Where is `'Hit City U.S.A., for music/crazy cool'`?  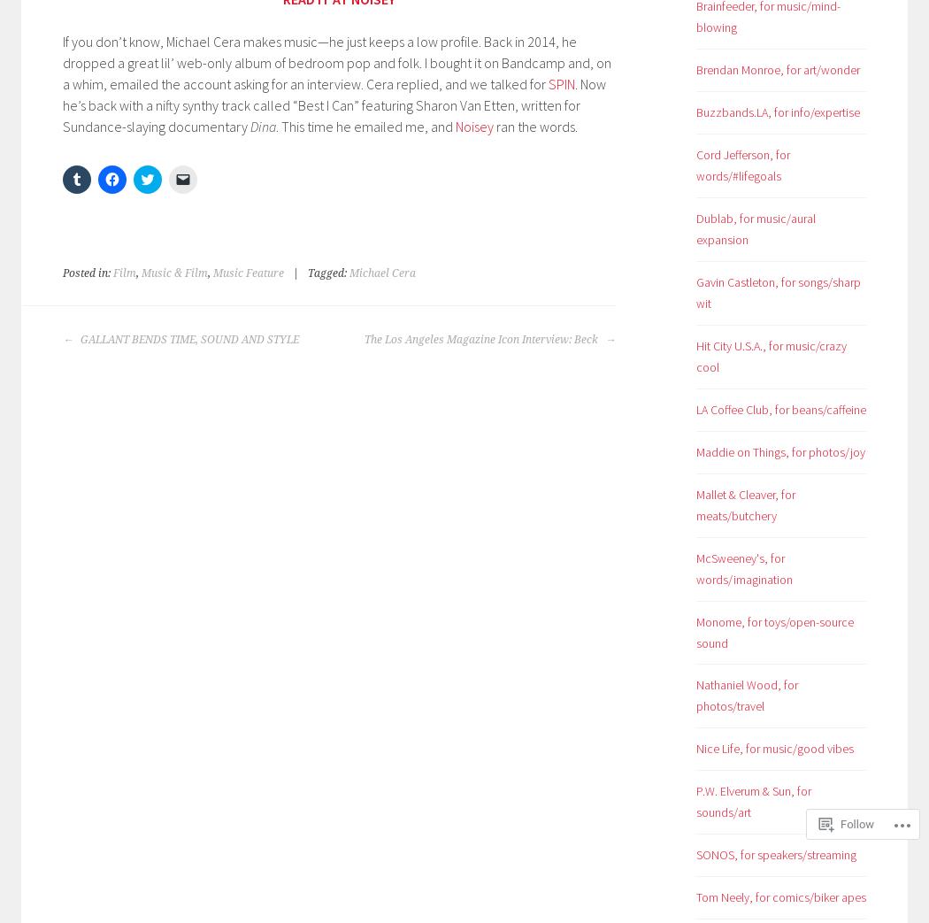
'Hit City U.S.A., for music/crazy cool' is located at coordinates (769, 355).